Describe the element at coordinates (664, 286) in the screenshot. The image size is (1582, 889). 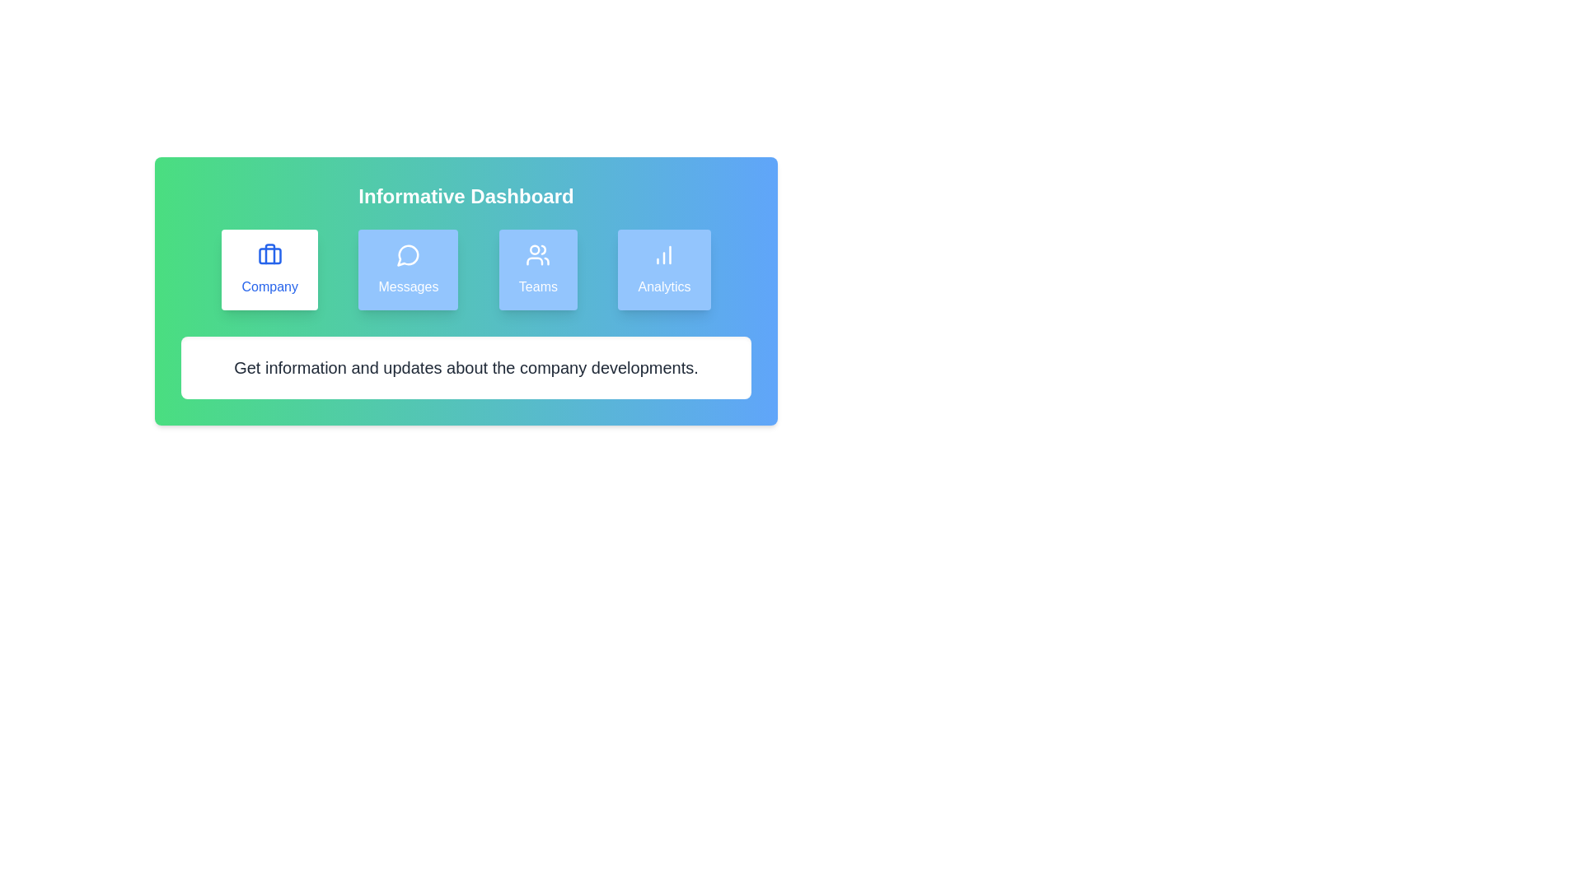
I see `displayed label 'Analytics' which is a textual label styled in medium weight font located below a graphical chart icon in the fourth card from the left` at that location.